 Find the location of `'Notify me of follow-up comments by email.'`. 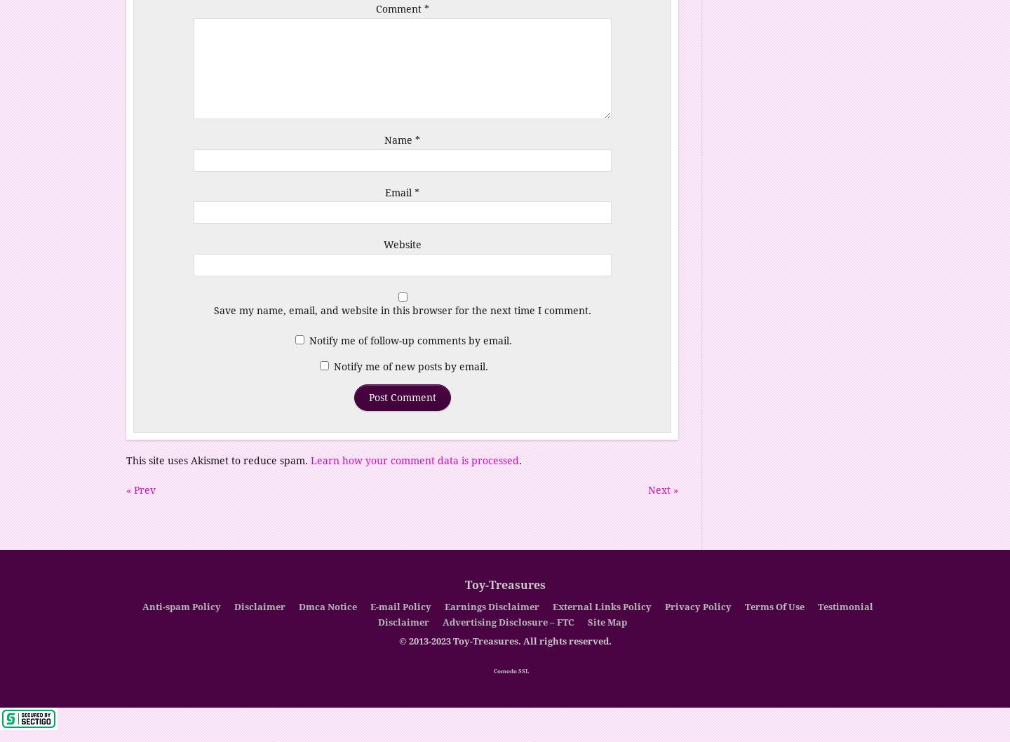

'Notify me of follow-up comments by email.' is located at coordinates (410, 339).